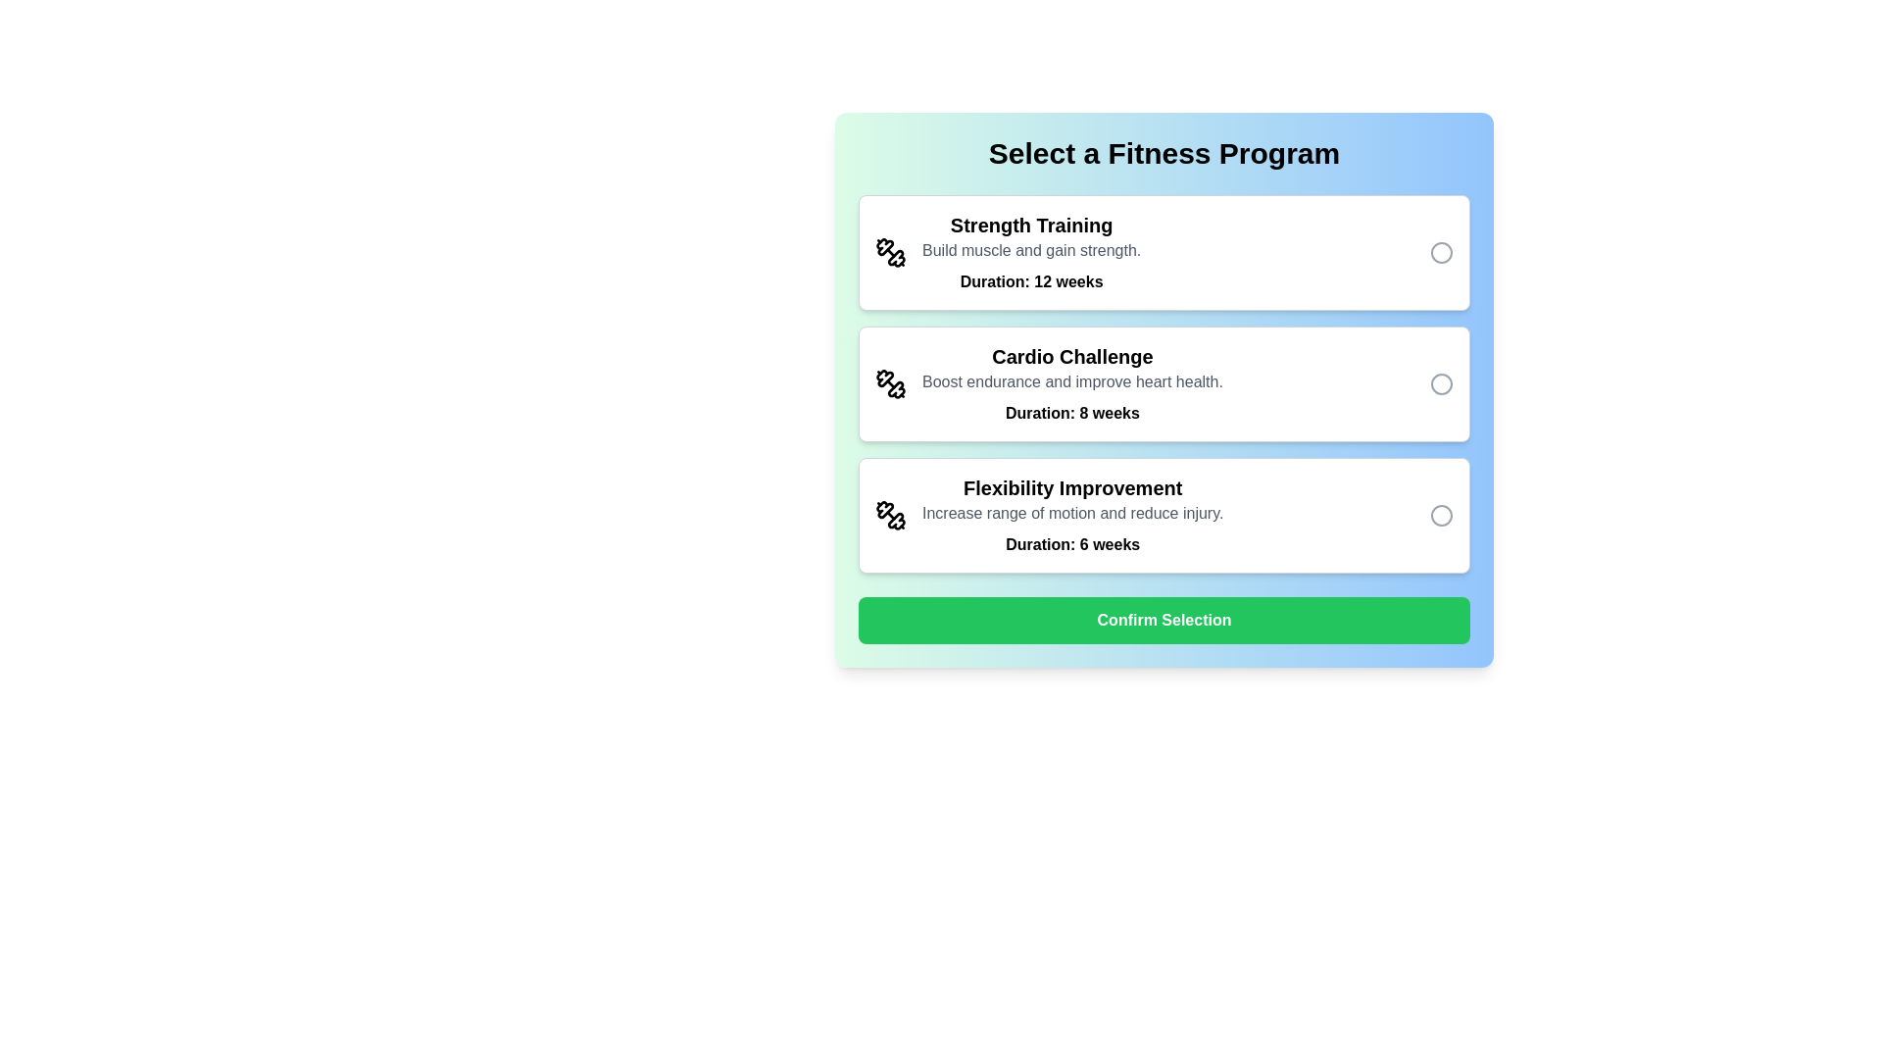  Describe the element at coordinates (1441, 252) in the screenshot. I see `the circular radio button indicator in the top-right part of the 'Strength Training' card` at that location.